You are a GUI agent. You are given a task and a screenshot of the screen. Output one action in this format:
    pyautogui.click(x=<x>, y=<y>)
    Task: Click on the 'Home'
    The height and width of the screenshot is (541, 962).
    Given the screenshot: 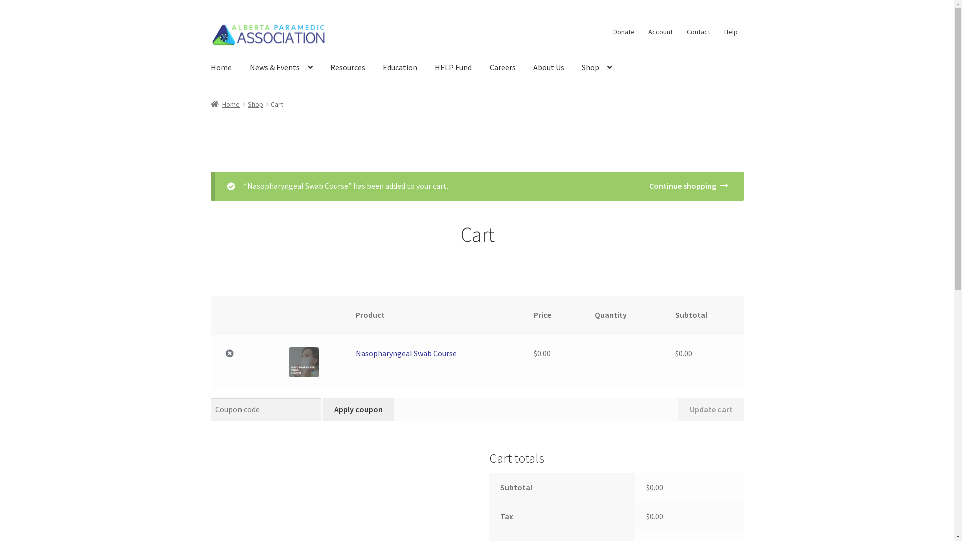 What is the action you would take?
    pyautogui.click(x=225, y=104)
    